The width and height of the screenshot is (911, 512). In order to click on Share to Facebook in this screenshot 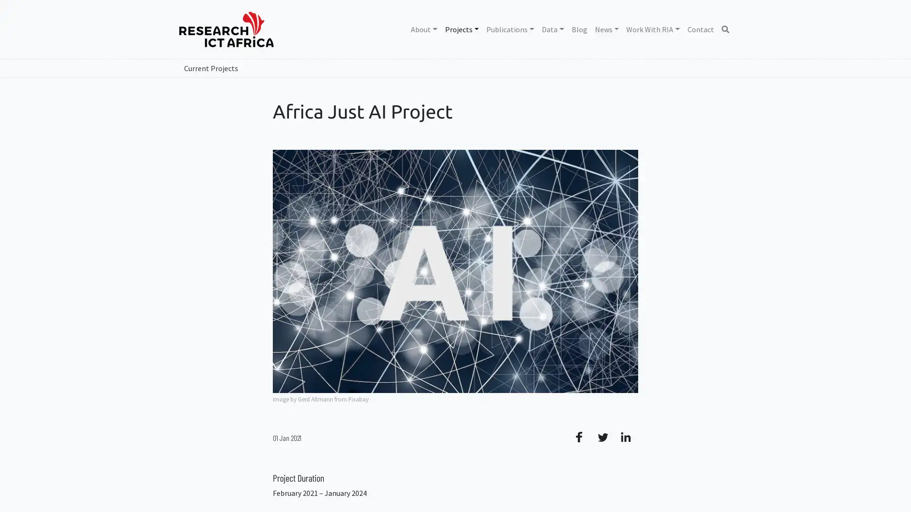, I will do `click(583, 437)`.